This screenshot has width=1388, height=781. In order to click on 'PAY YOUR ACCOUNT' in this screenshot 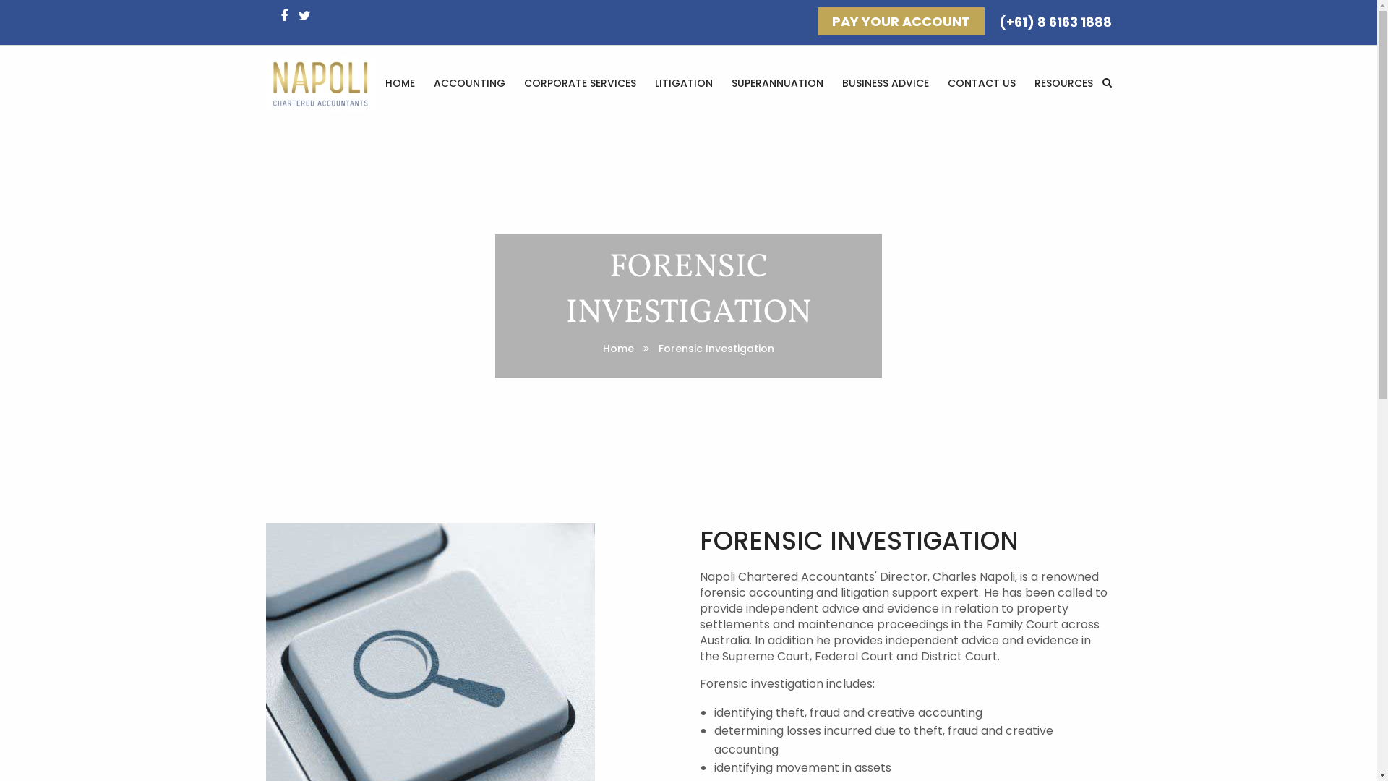, I will do `click(899, 21)`.